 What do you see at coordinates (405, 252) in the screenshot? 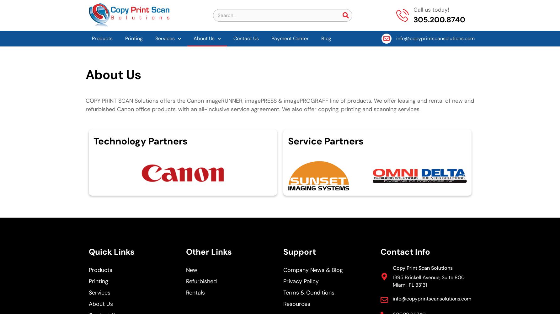
I see `'Contact Info'` at bounding box center [405, 252].